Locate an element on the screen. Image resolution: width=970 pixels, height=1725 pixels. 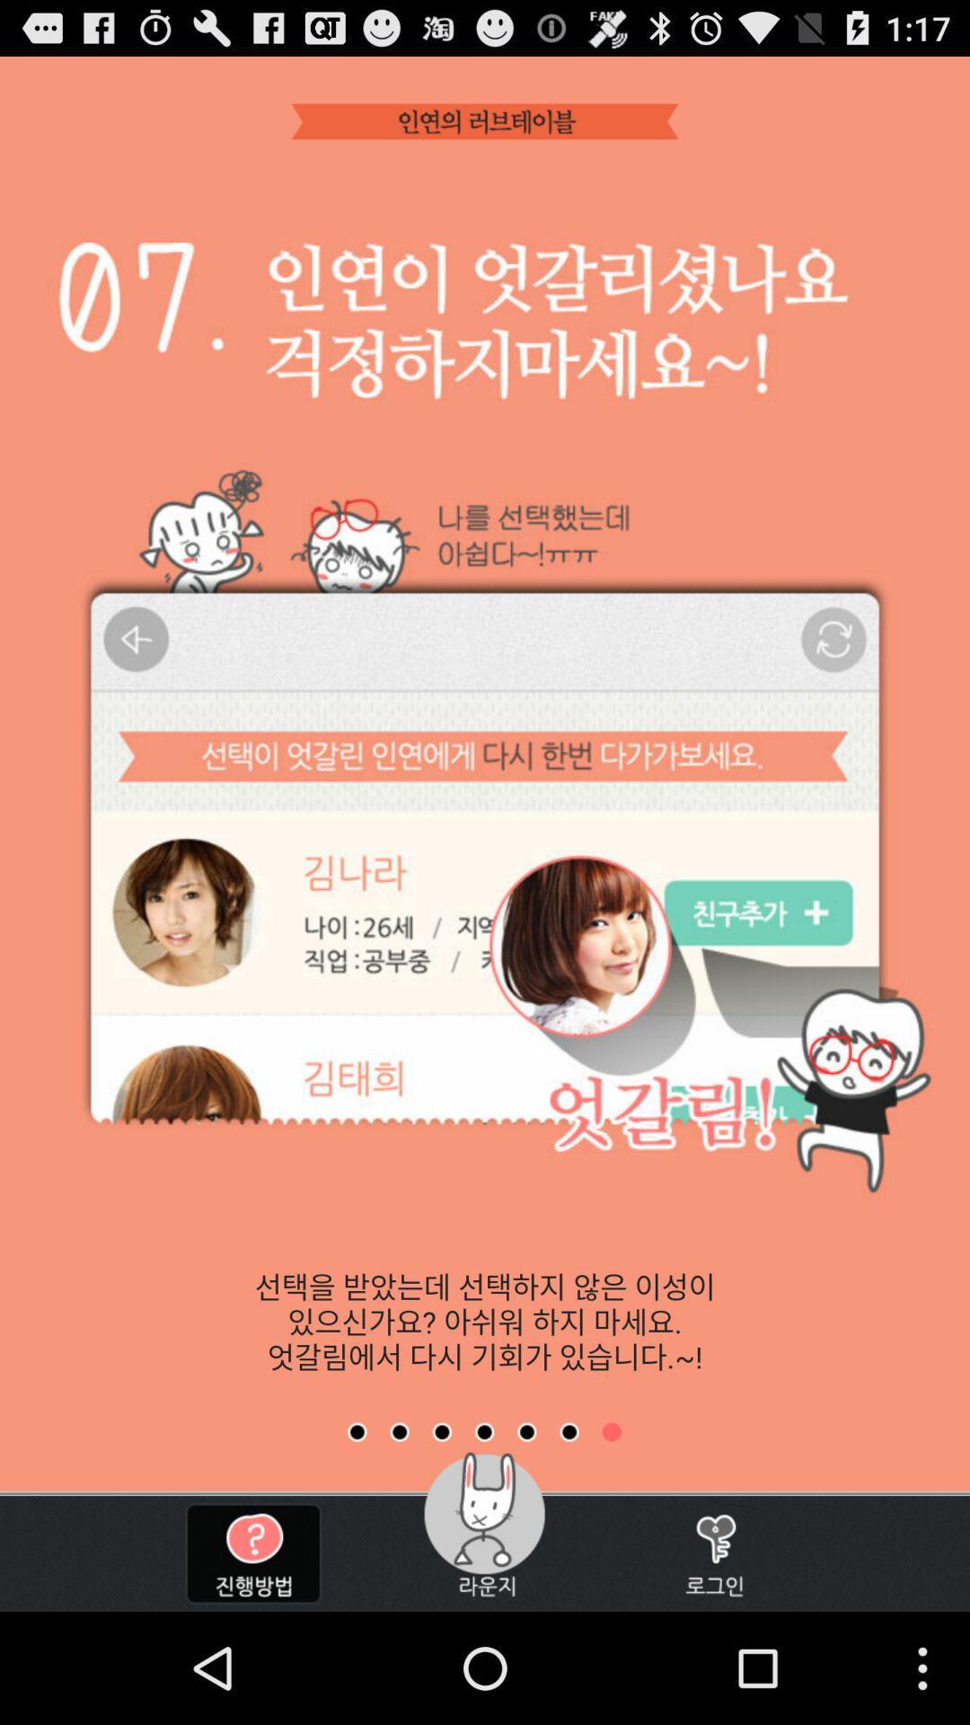
the fifth page is located at coordinates (525, 1431).